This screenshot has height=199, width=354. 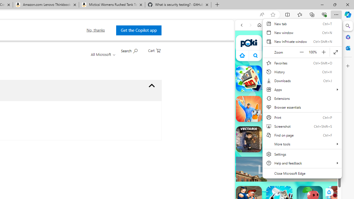 What do you see at coordinates (139, 30) in the screenshot?
I see `'Get the Copilot app '` at bounding box center [139, 30].